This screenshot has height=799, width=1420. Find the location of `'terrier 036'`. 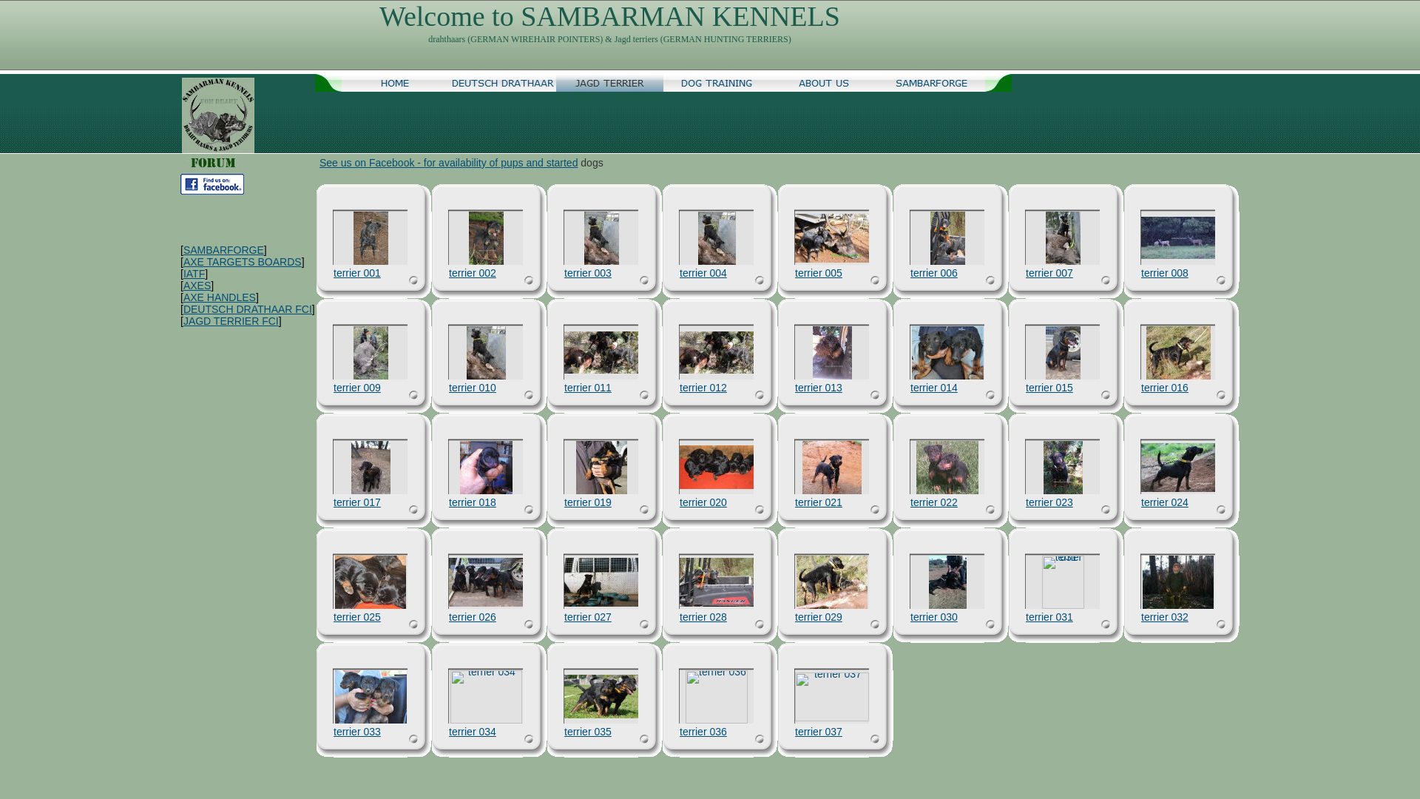

'terrier 036' is located at coordinates (702, 730).